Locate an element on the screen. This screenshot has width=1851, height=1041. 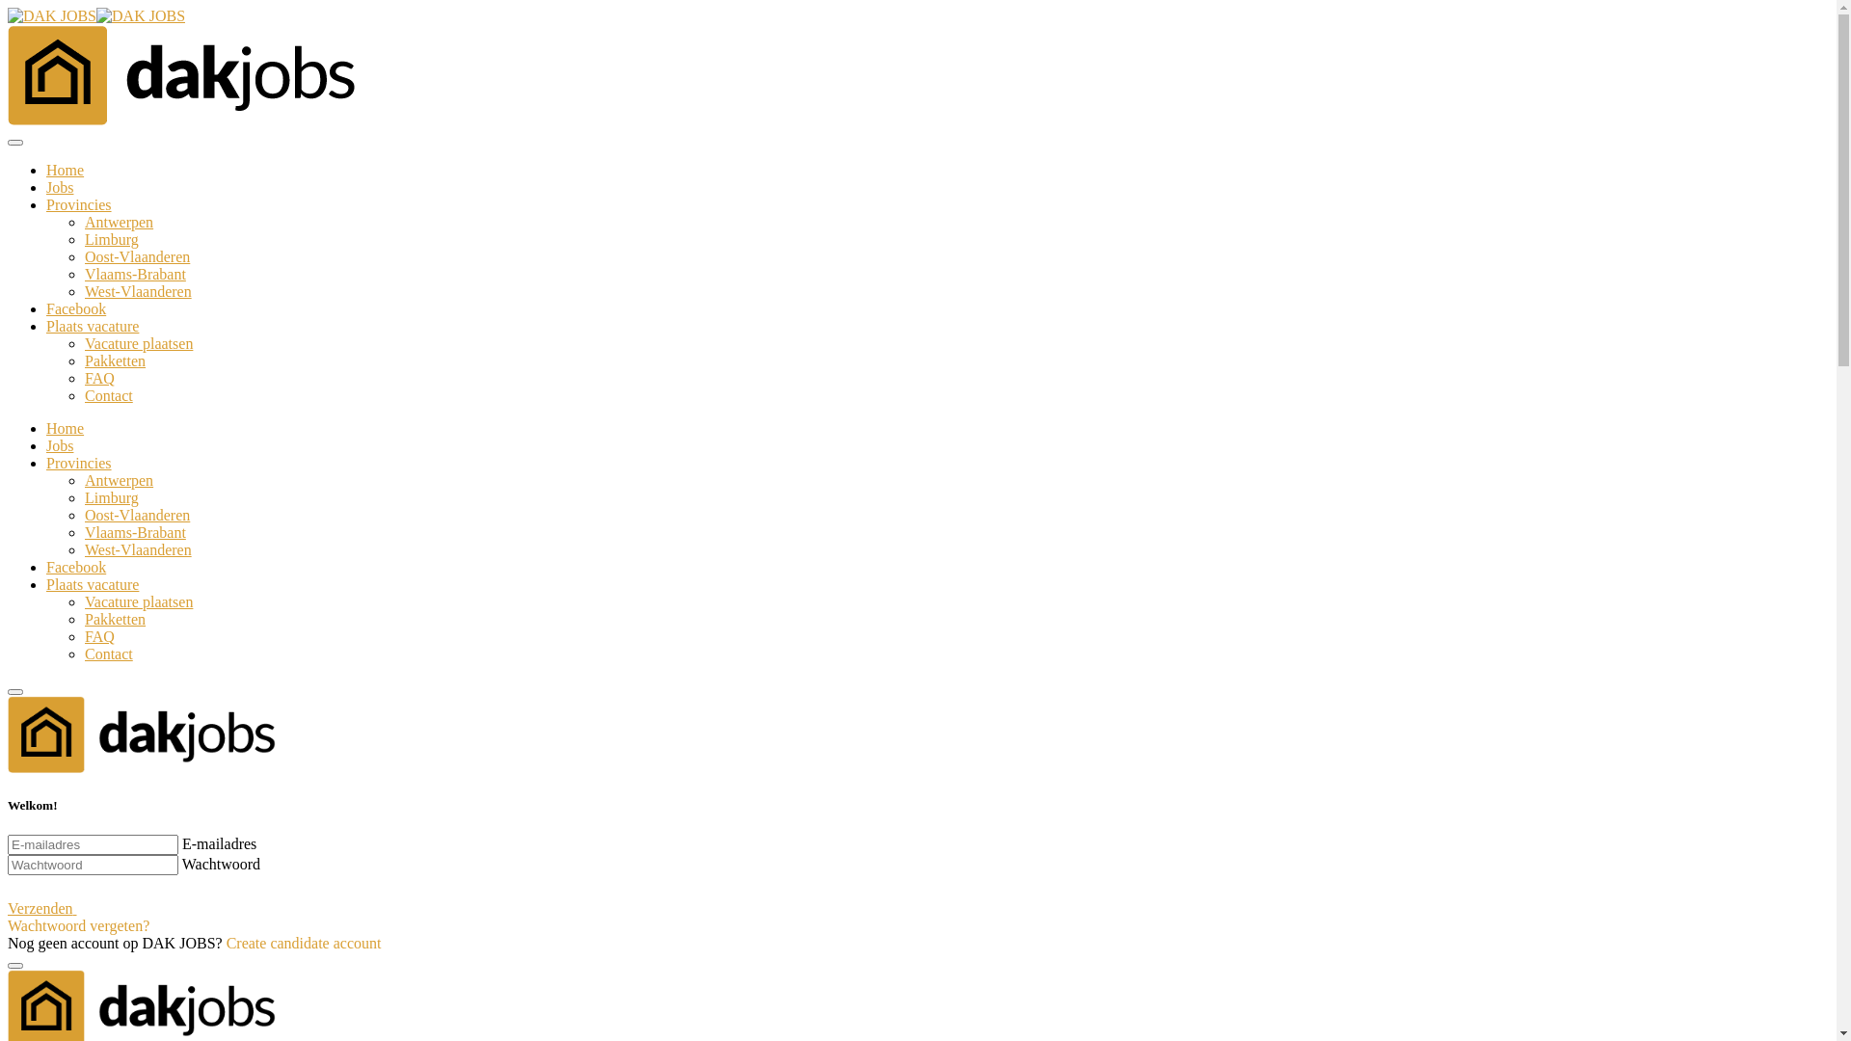
'Vlaams-Brabant' is located at coordinates (134, 532).